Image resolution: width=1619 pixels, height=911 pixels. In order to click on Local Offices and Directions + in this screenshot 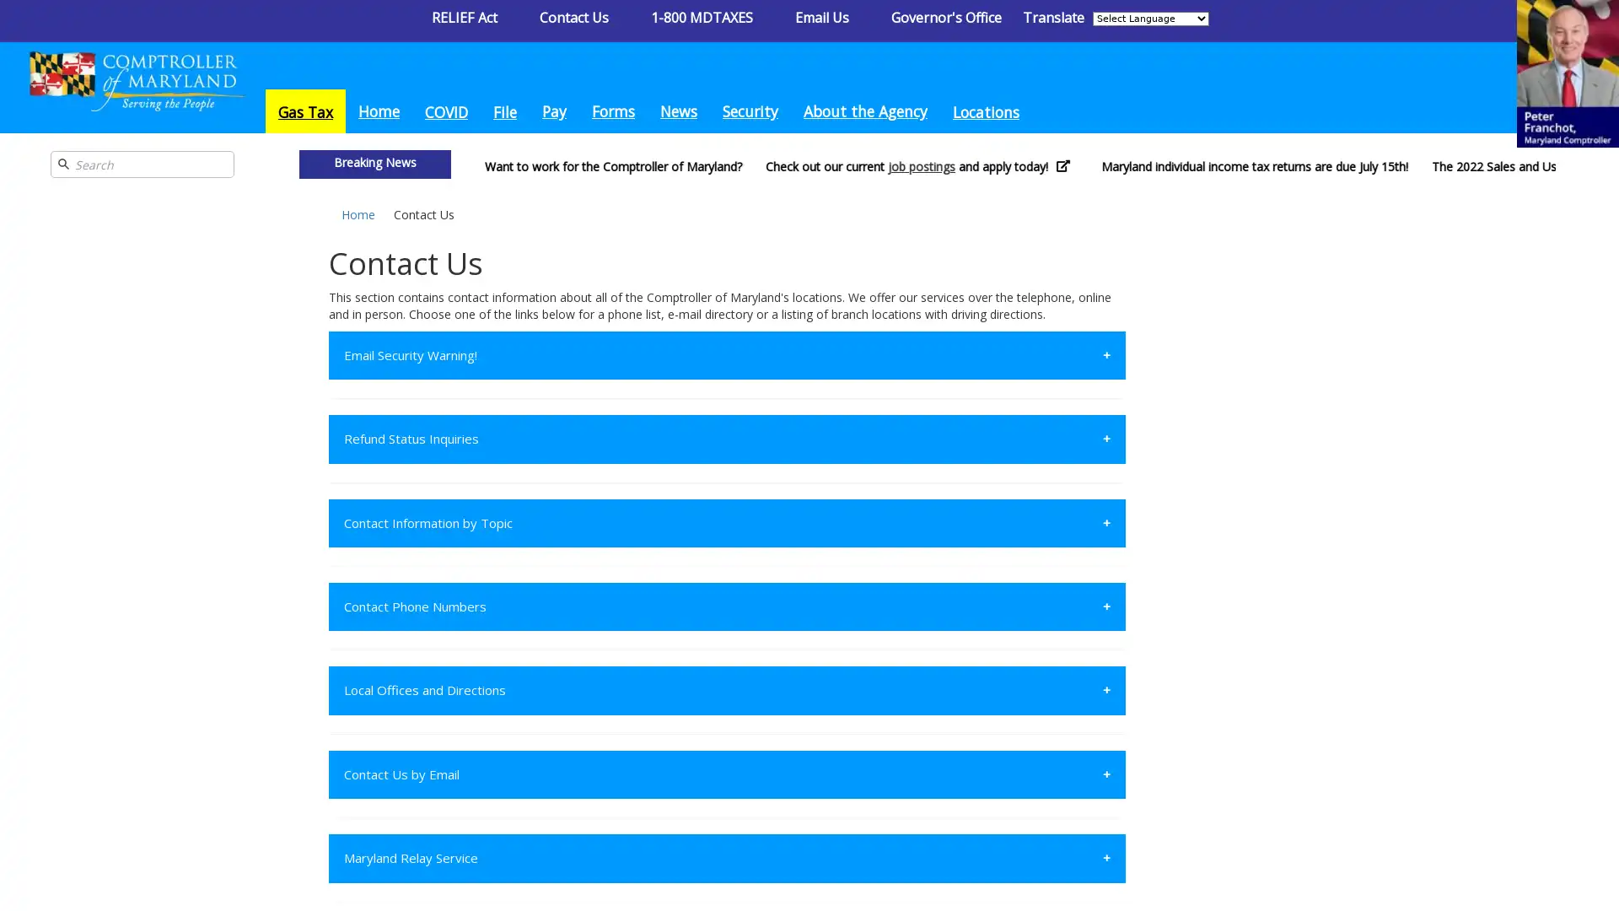, I will do `click(727, 690)`.